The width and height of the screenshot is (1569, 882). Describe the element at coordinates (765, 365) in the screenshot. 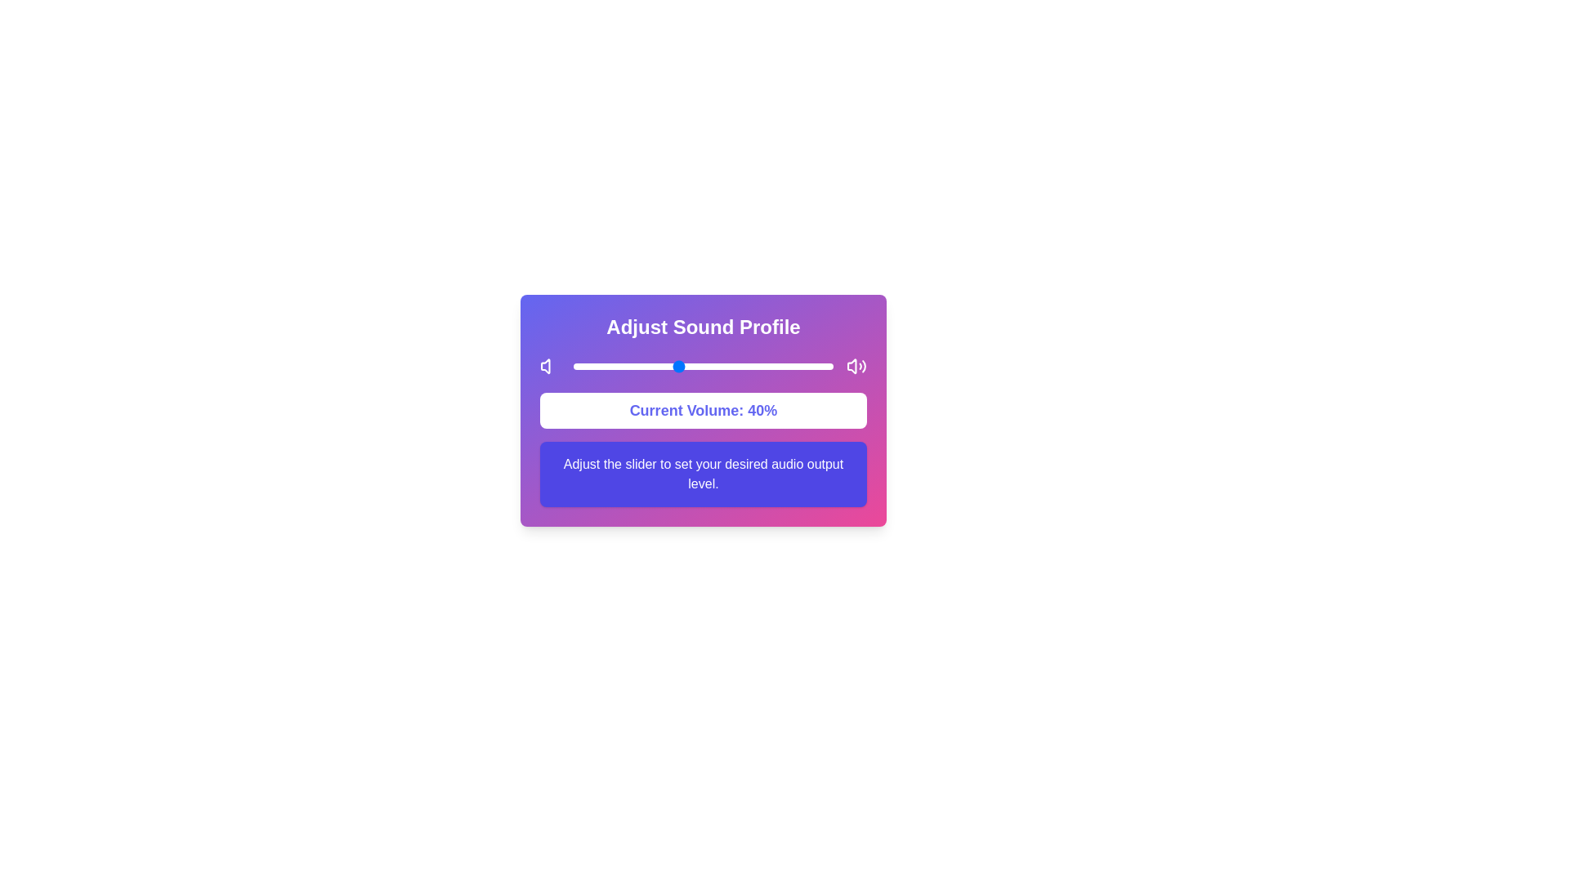

I see `the slider to set the sound level to 74` at that location.